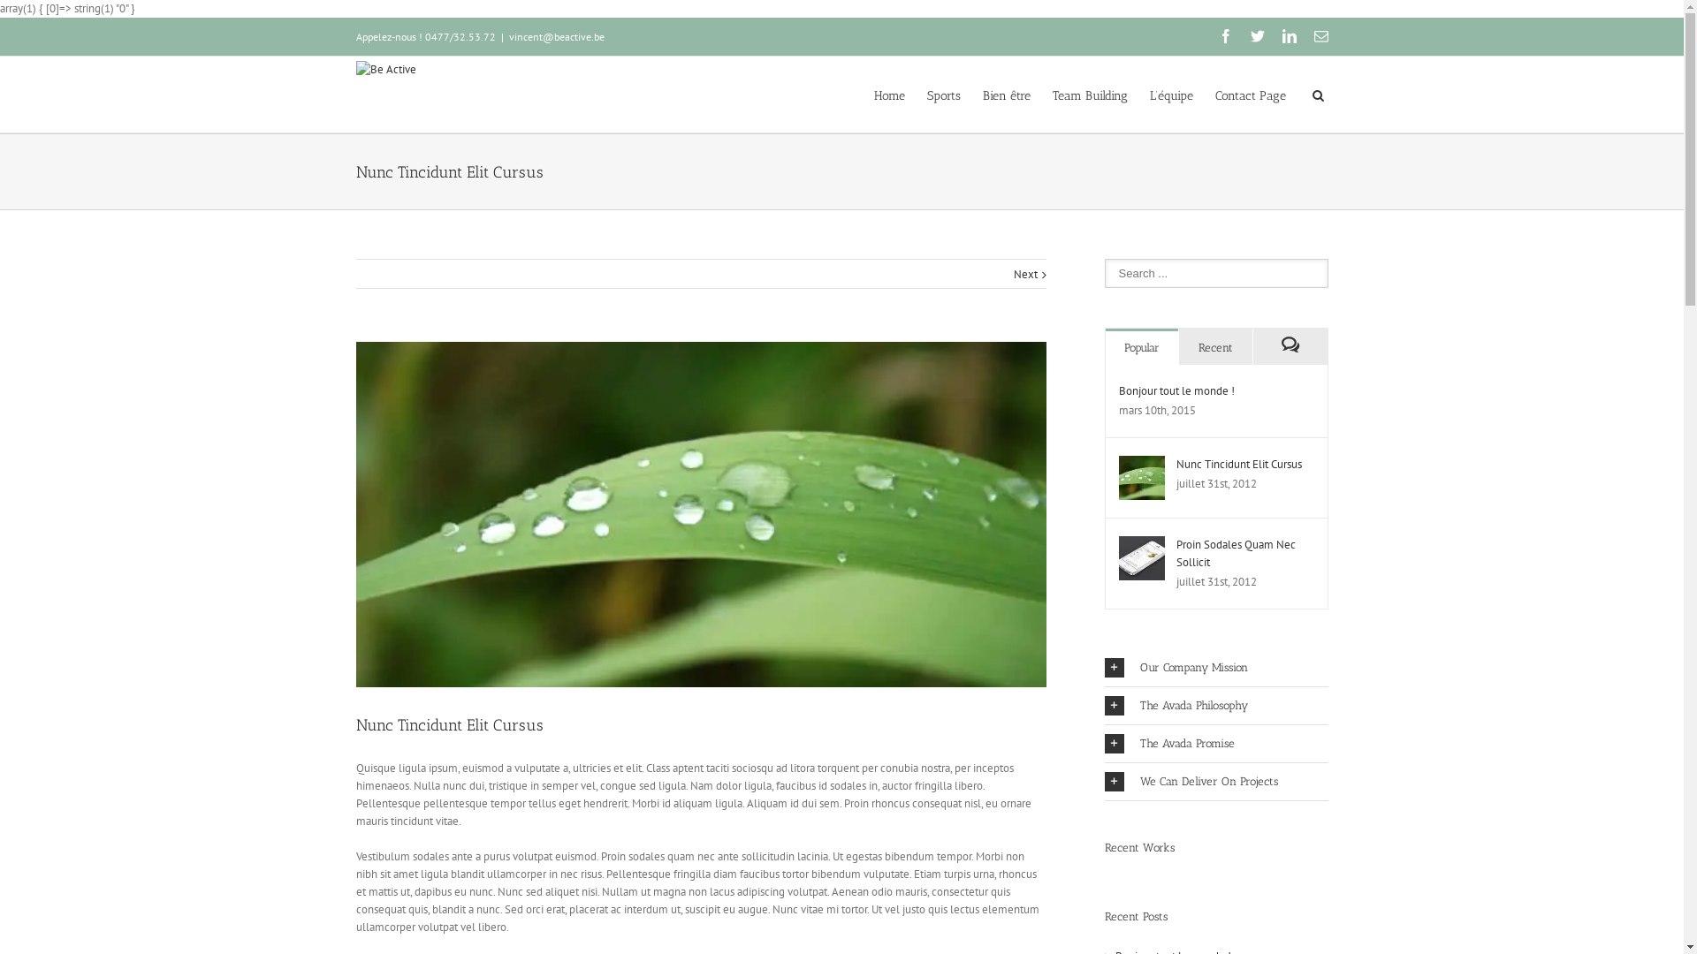 This screenshot has height=954, width=1697. Describe the element at coordinates (555, 36) in the screenshot. I see `'vincent@beactive.be'` at that location.